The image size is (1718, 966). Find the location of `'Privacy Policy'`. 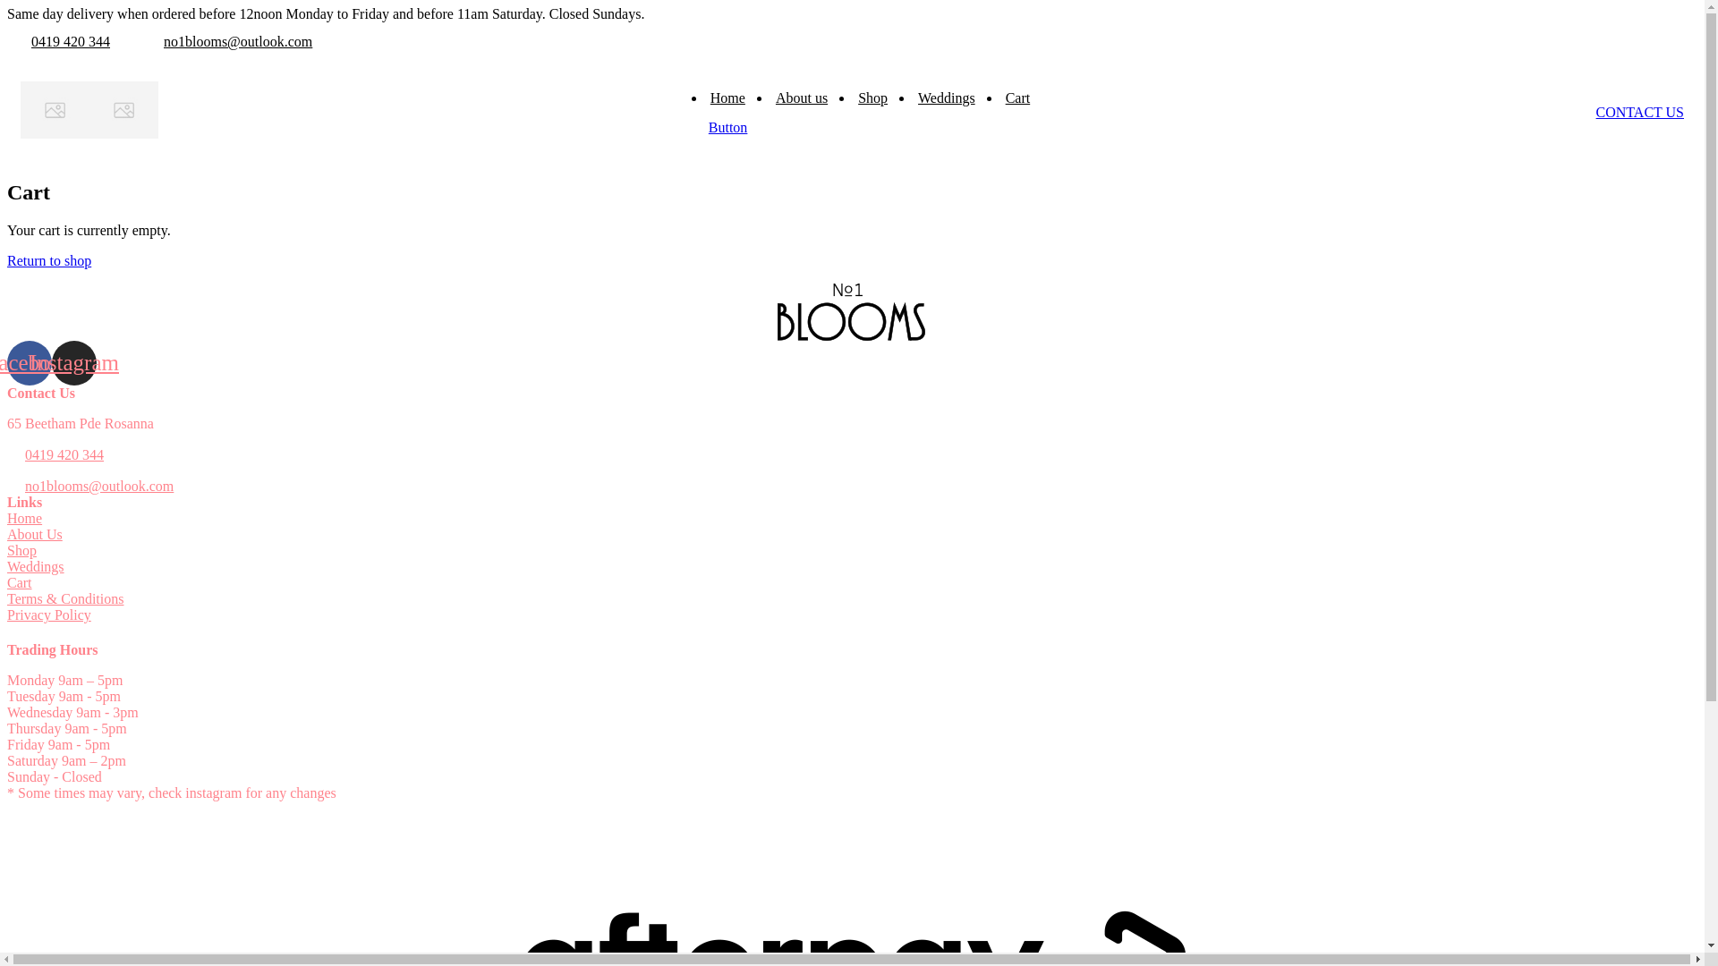

'Privacy Policy' is located at coordinates (48, 614).